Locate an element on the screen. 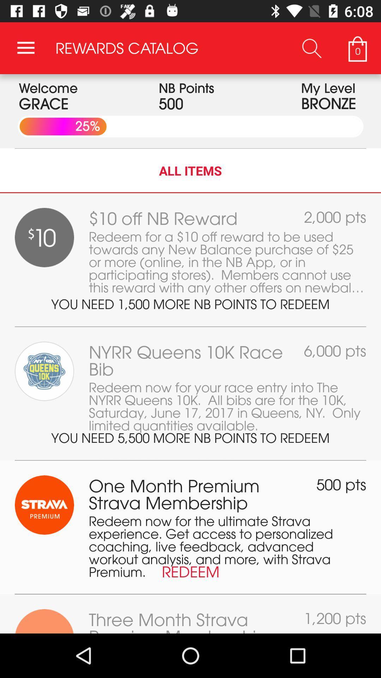 The height and width of the screenshot is (678, 381). the item next to the one month premium is located at coordinates (341, 484).